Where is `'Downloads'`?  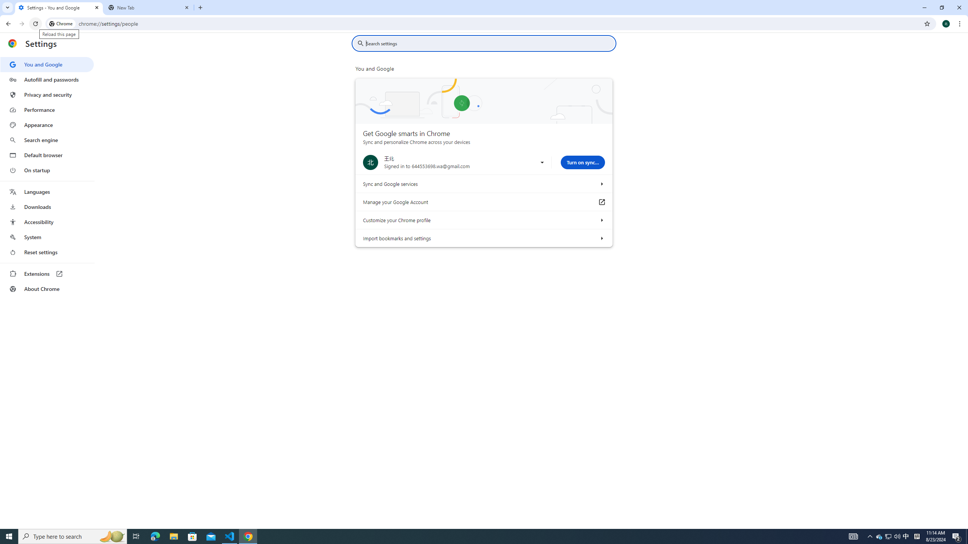
'Downloads' is located at coordinates (47, 207).